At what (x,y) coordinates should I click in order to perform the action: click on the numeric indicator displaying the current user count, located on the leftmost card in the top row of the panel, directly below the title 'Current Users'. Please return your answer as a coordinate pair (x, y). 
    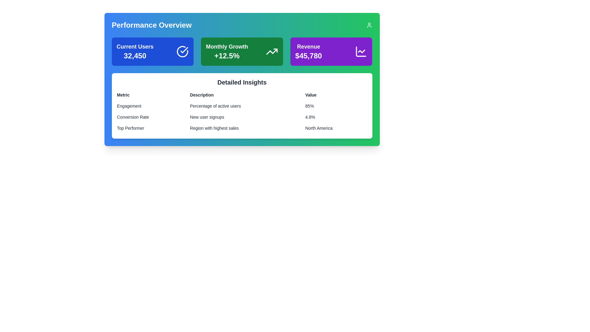
    Looking at the image, I should click on (135, 56).